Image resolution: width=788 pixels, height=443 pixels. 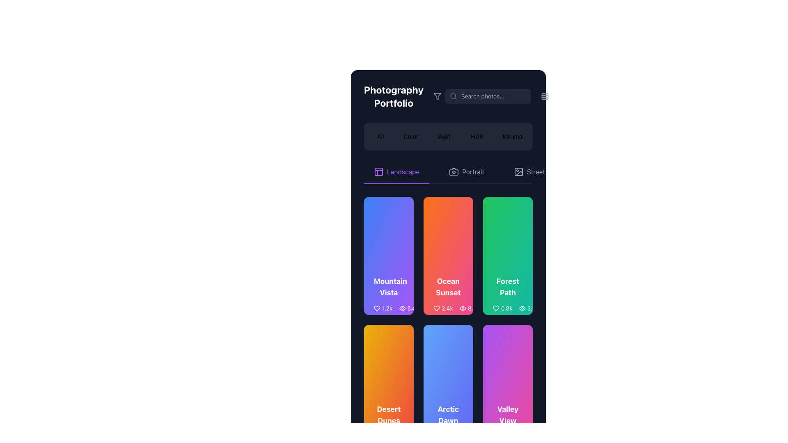 I want to click on the text label displaying the numerical value associated with the eye icon, indicating view count, so click(x=528, y=308).